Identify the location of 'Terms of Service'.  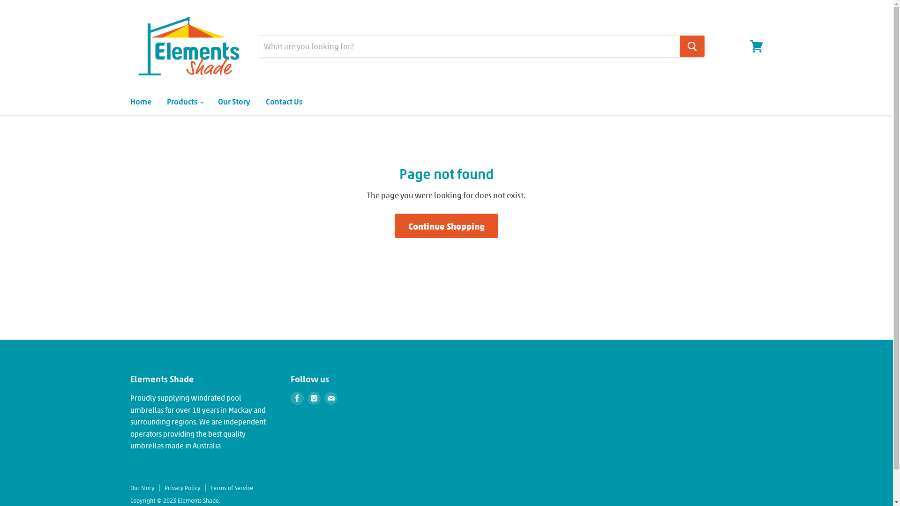
(231, 487).